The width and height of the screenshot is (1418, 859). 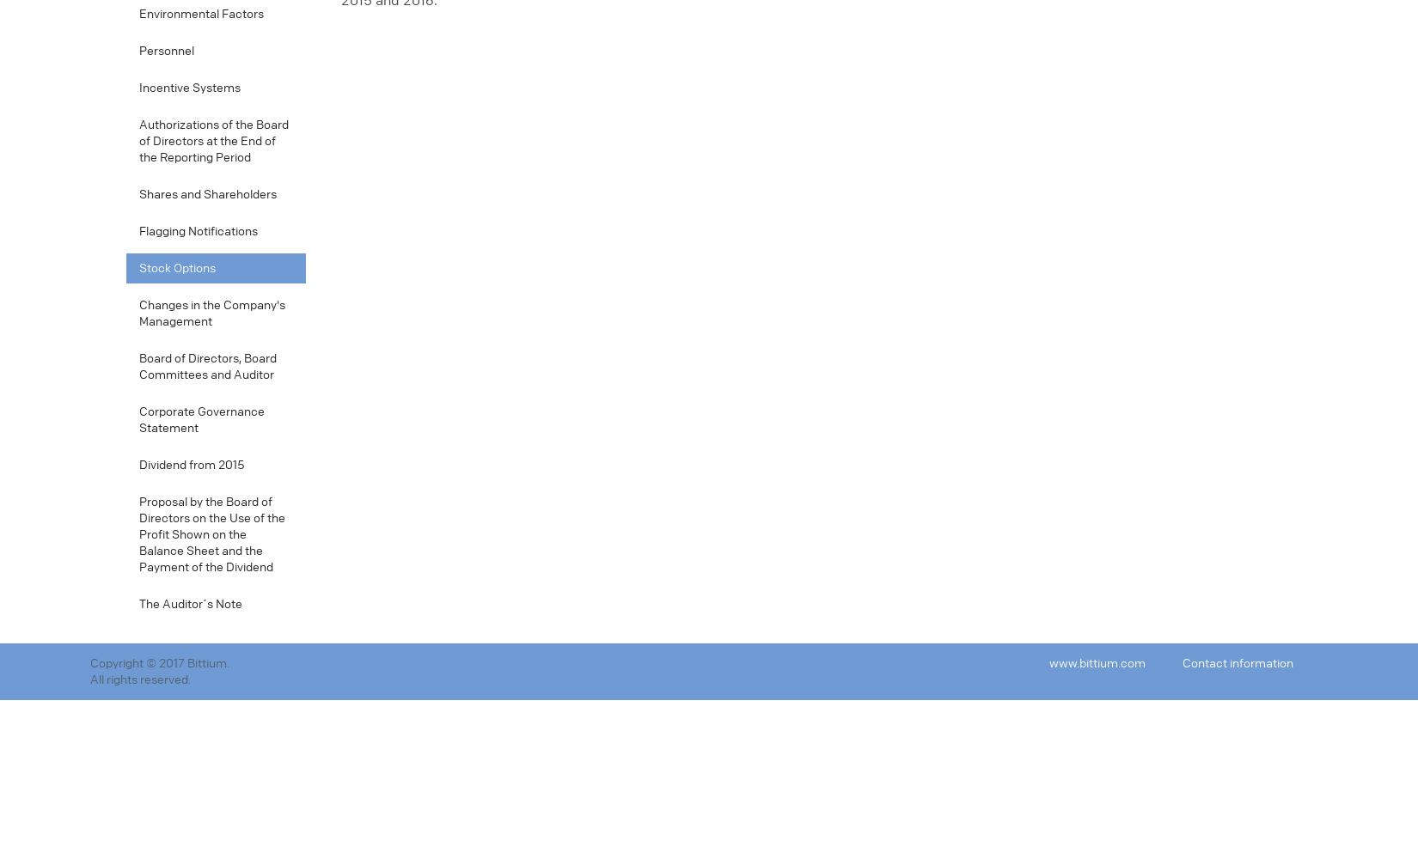 I want to click on 'Contact information', so click(x=1237, y=663).